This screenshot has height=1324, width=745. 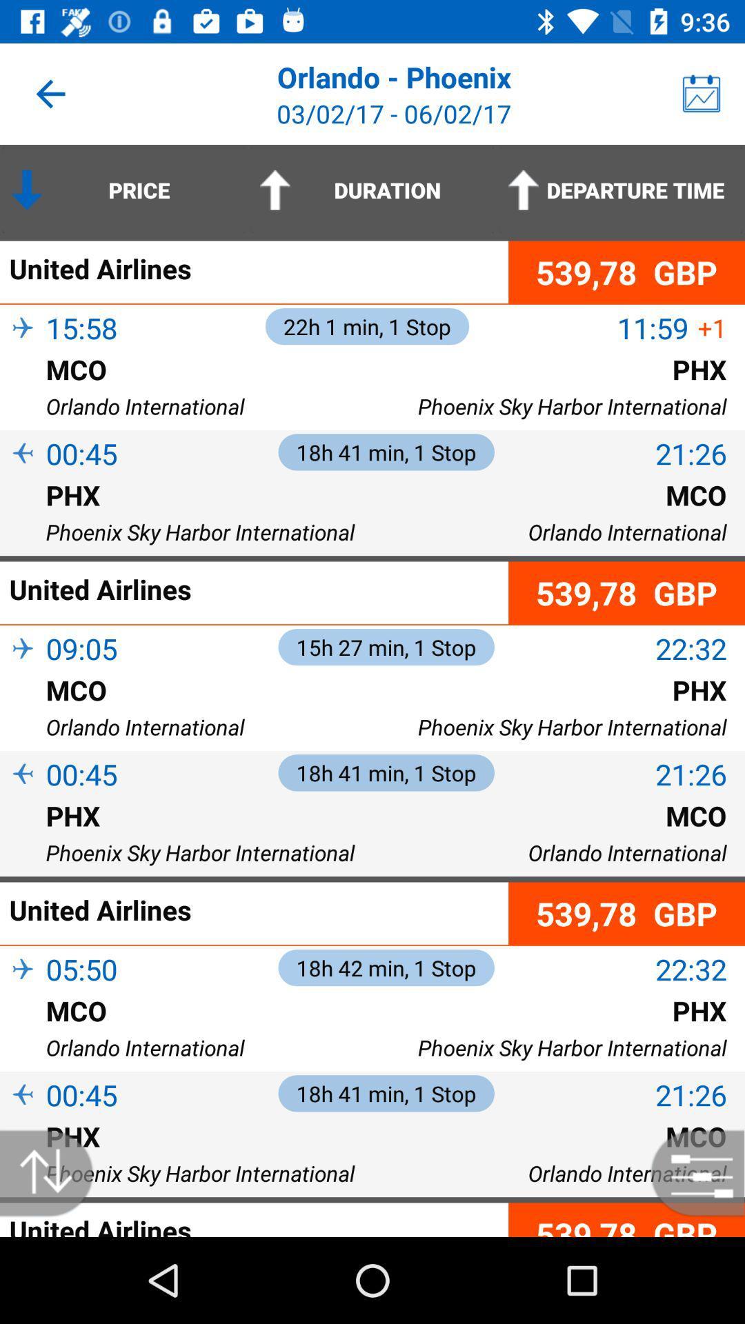 What do you see at coordinates (619, 189) in the screenshot?
I see `item next to the duration icon` at bounding box center [619, 189].